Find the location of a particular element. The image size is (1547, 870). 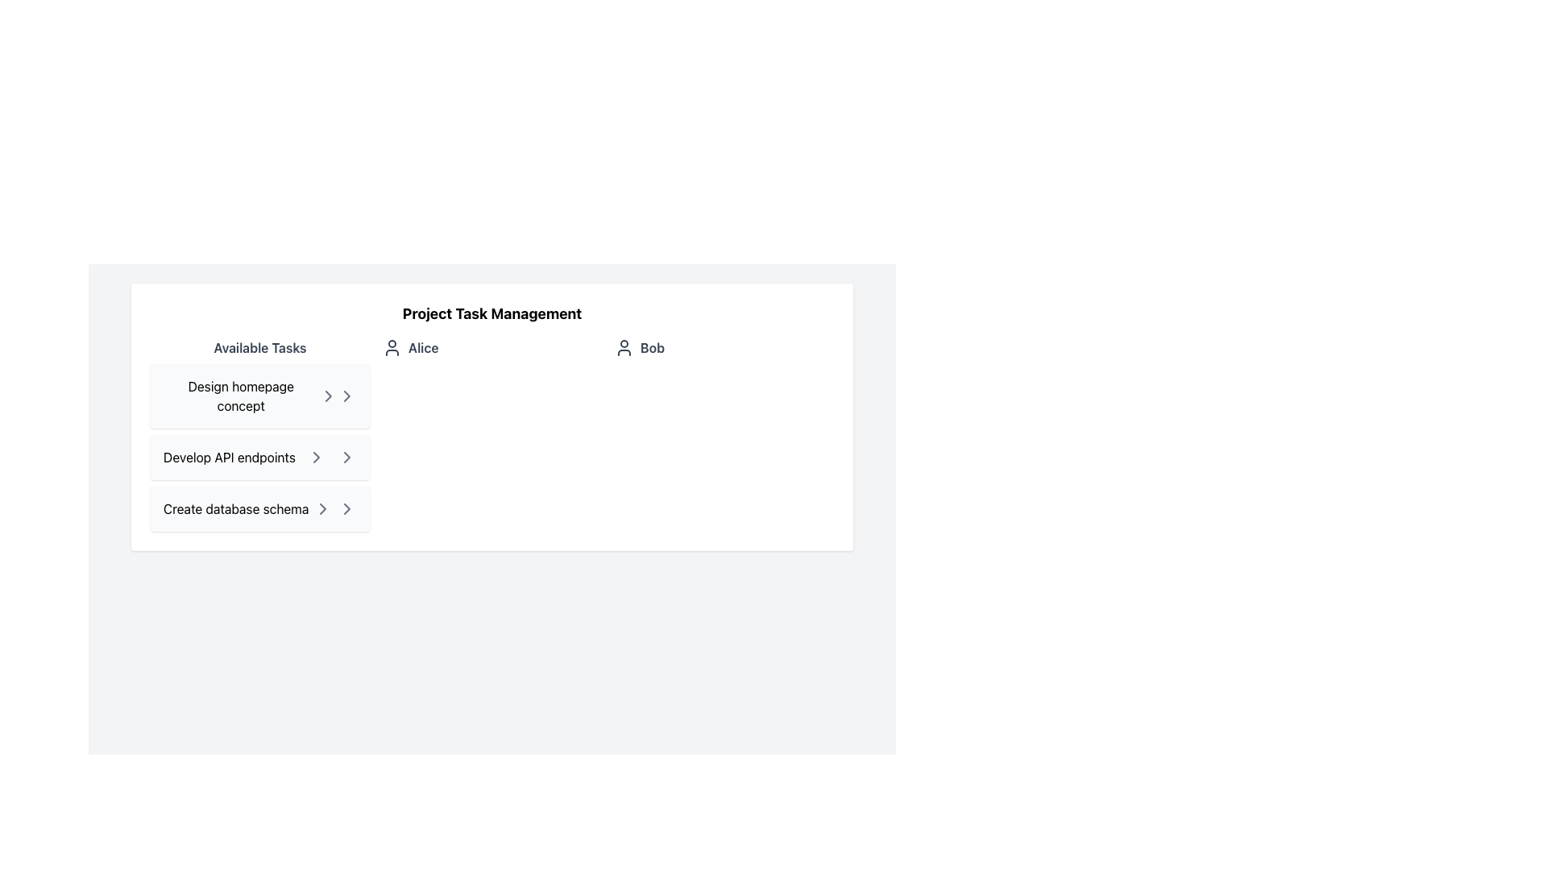

the small right-pointing chevron icon located to the right of the 'Develop API endpoints' label in the 'Available Tasks' section is located at coordinates (317, 457).